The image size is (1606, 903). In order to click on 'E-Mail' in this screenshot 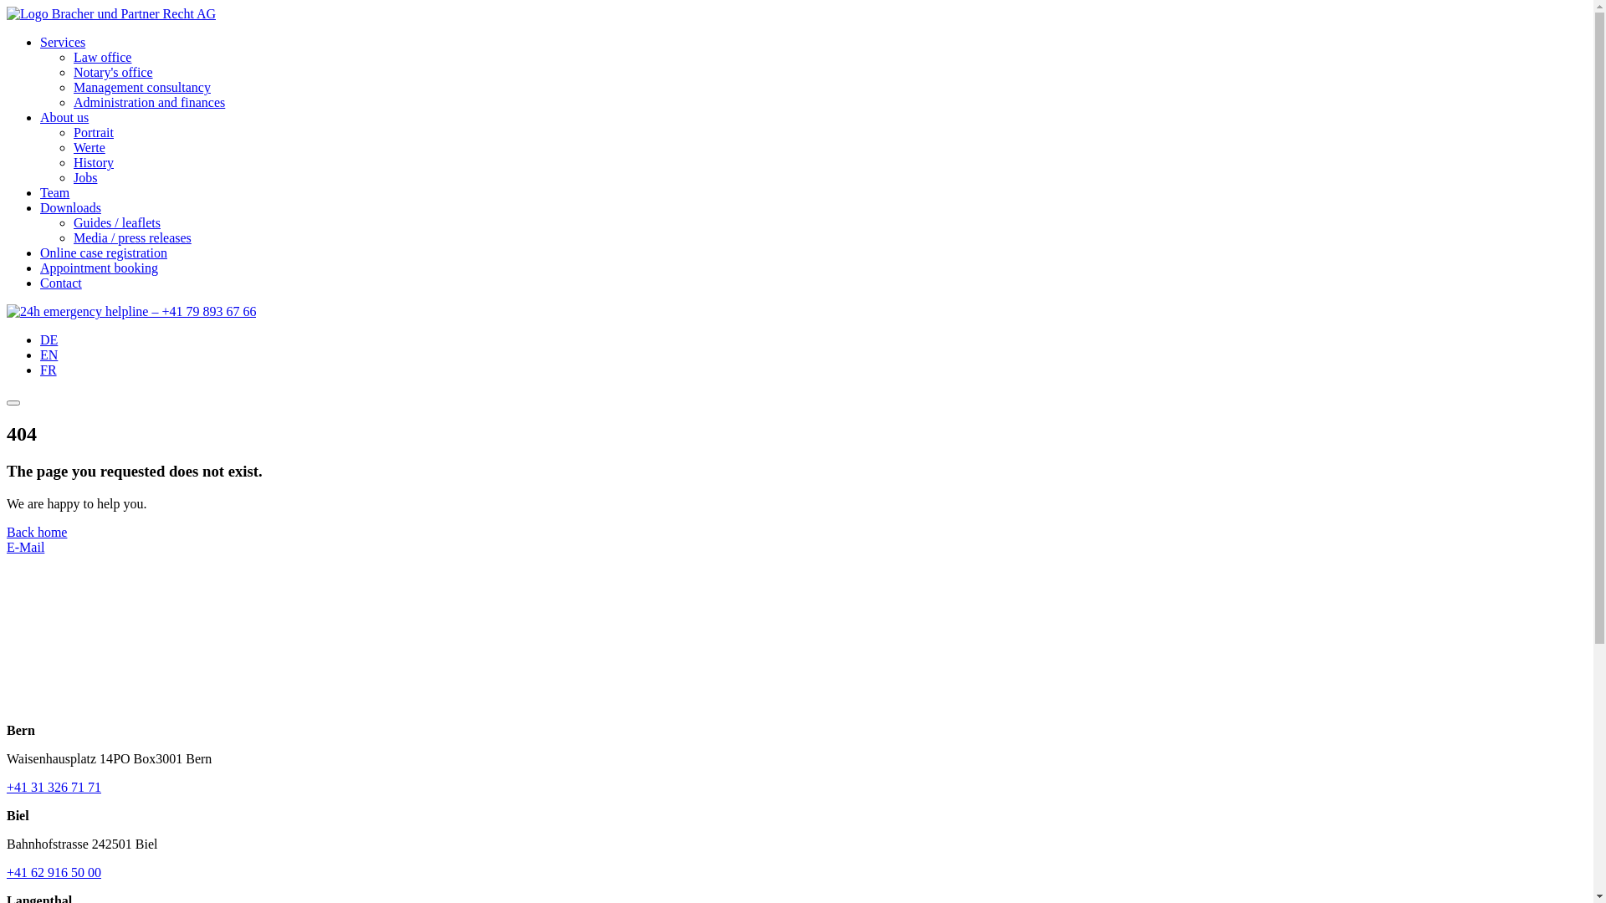, I will do `click(25, 547)`.